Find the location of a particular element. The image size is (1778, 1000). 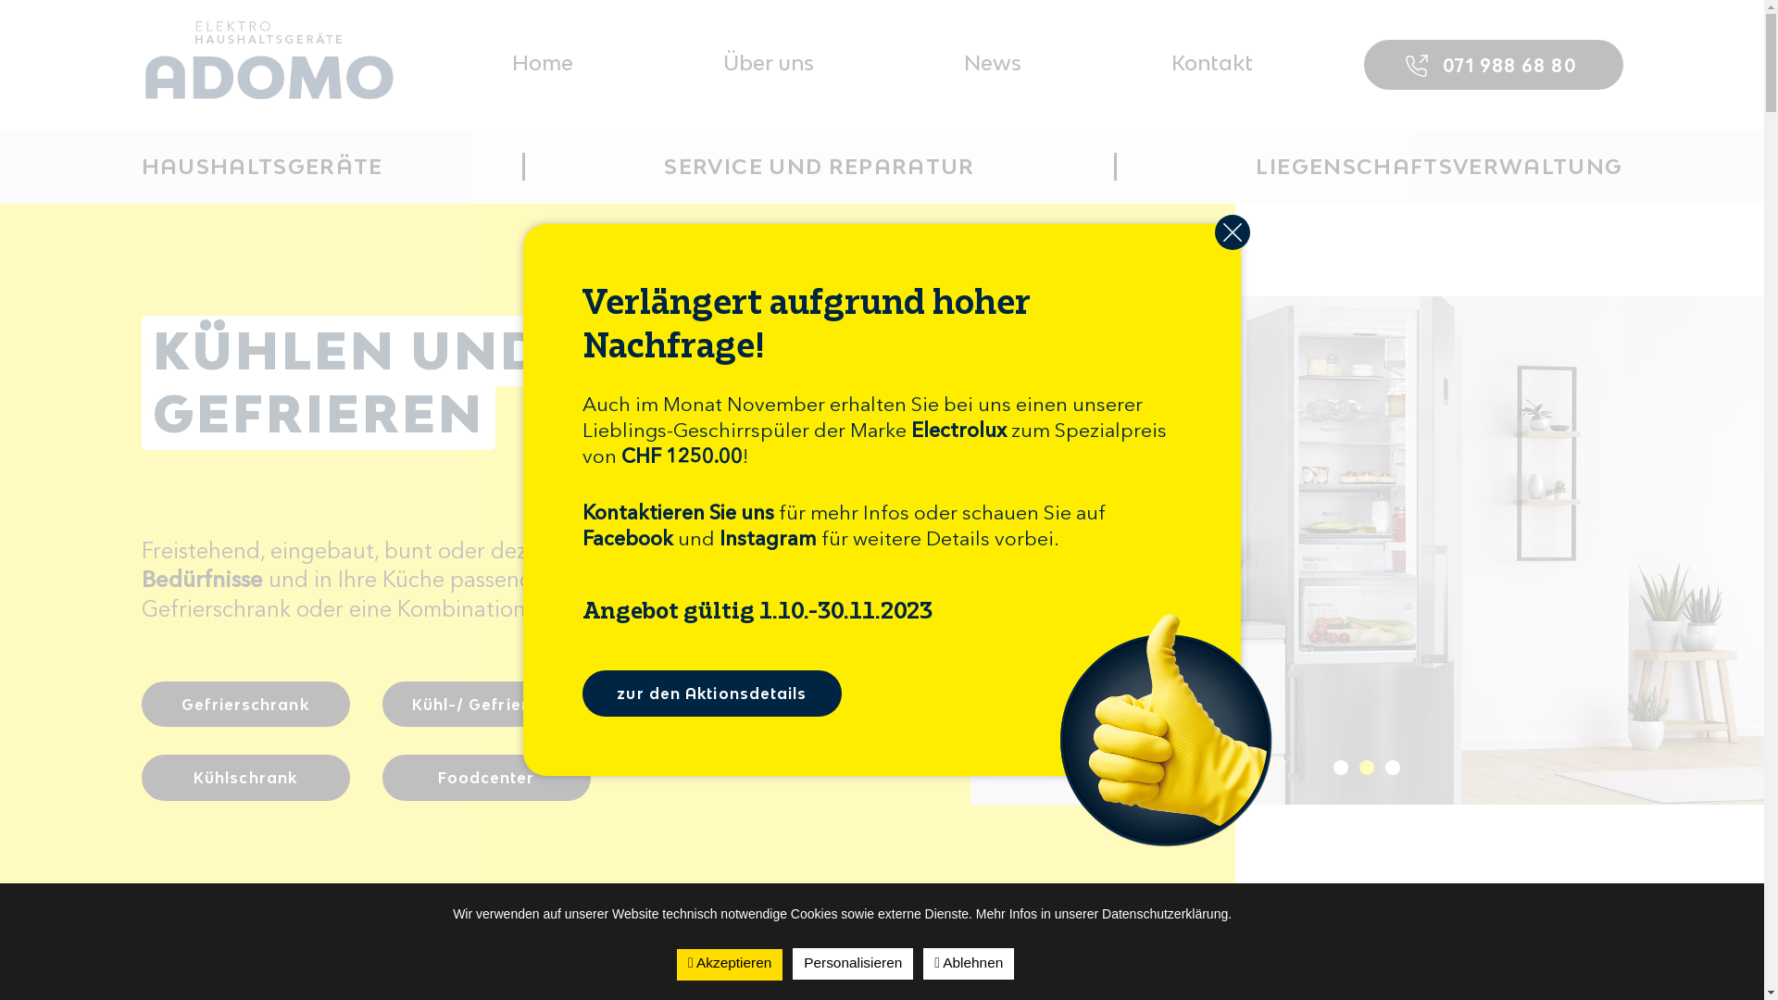

'3' is located at coordinates (1392, 768).